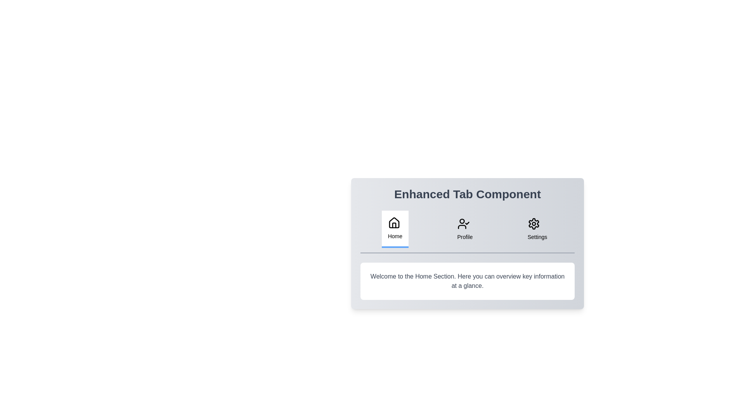 The image size is (745, 419). Describe the element at coordinates (536, 229) in the screenshot. I see `the Settings tab to view its content` at that location.